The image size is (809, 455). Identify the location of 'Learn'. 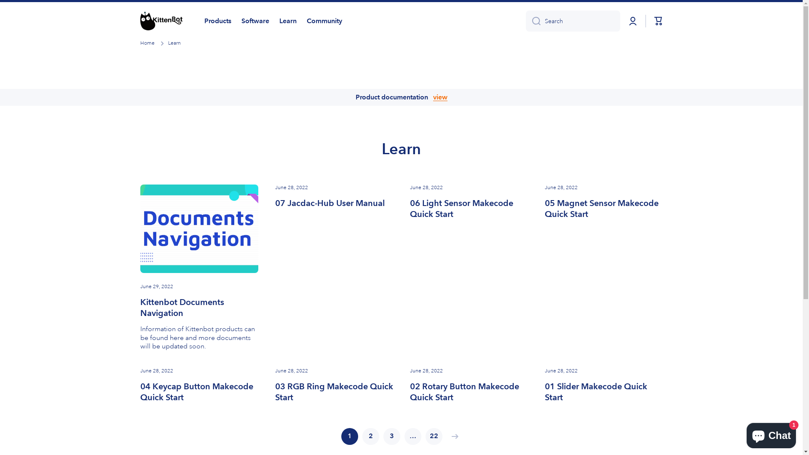
(287, 21).